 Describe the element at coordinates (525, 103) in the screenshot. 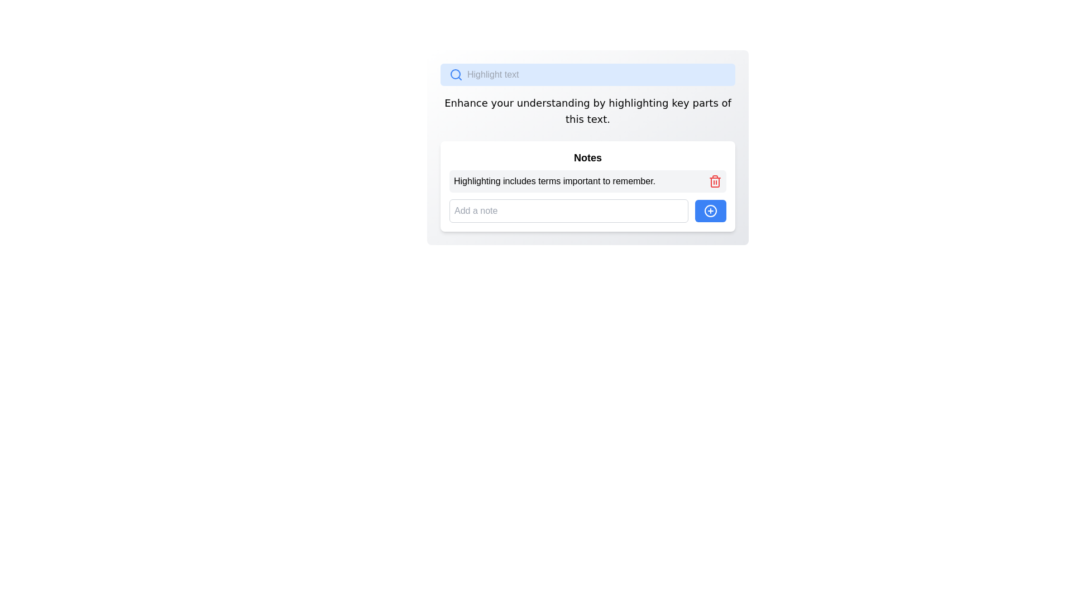

I see `the second occurrence of the letter 'n' in the word 'understanding' within the paragraph that reads 'Enhance your understanding by highlighting key parts of this text.'` at that location.